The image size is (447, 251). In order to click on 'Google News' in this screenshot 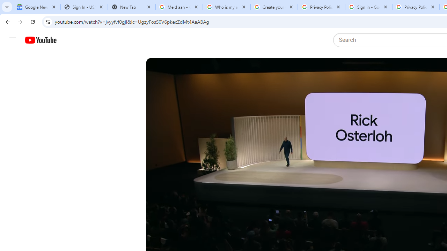, I will do `click(36, 7)`.